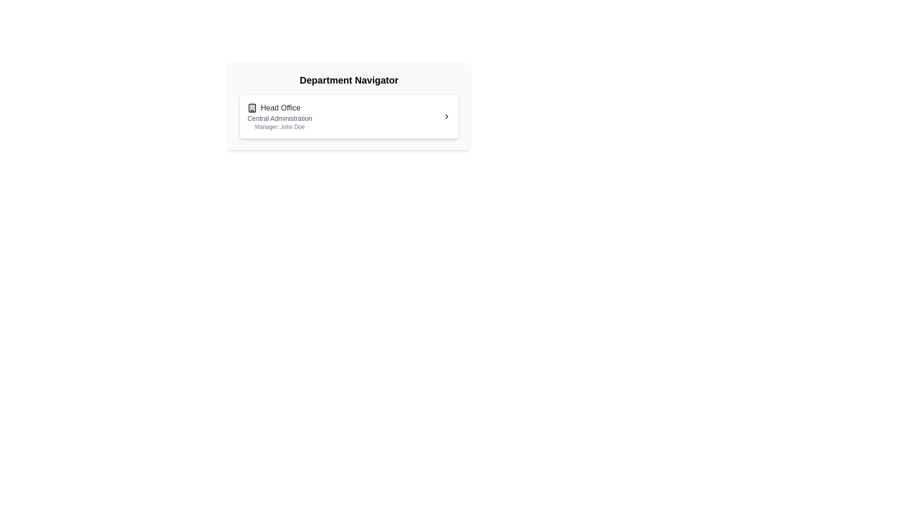 The height and width of the screenshot is (510, 907). I want to click on the small chevron icon pointing to the right, located at the far right side of the 'Head Office' panel in the 'Department Navigator' section, so click(446, 116).